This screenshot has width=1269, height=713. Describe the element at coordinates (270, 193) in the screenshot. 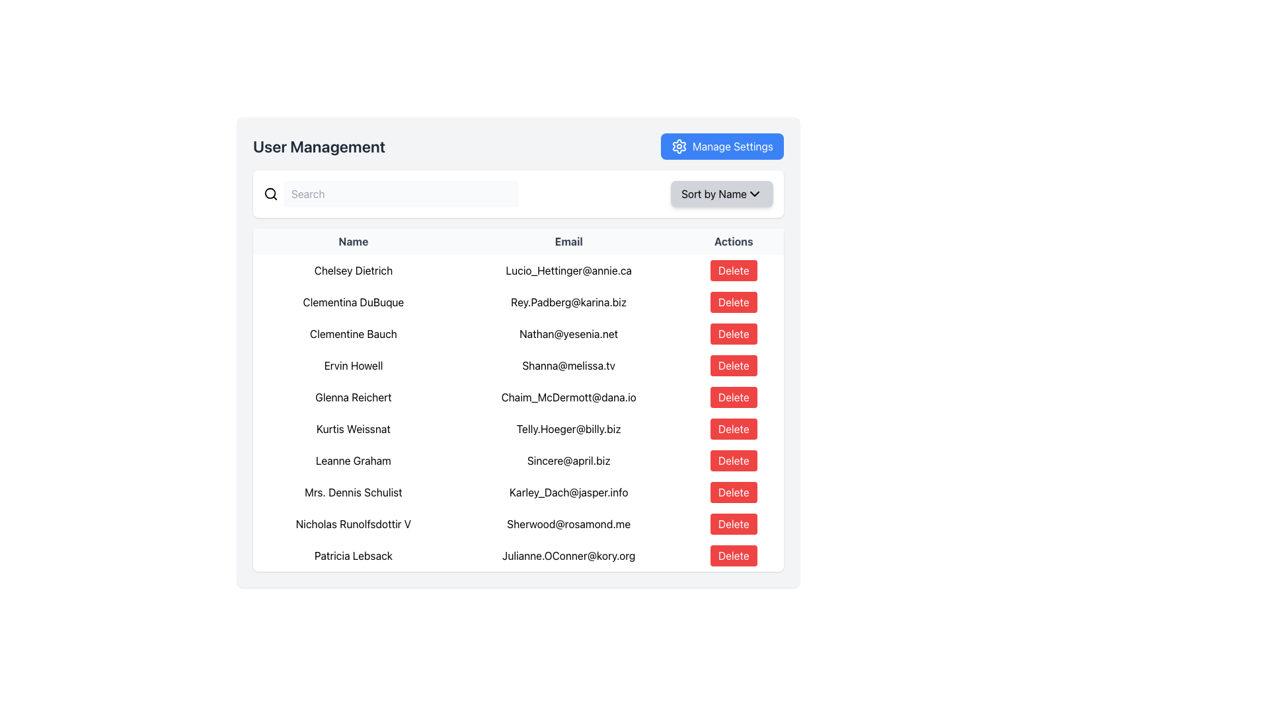

I see `the search icon located to the left of the 'Search' text input field, indicating the search functionality` at that location.